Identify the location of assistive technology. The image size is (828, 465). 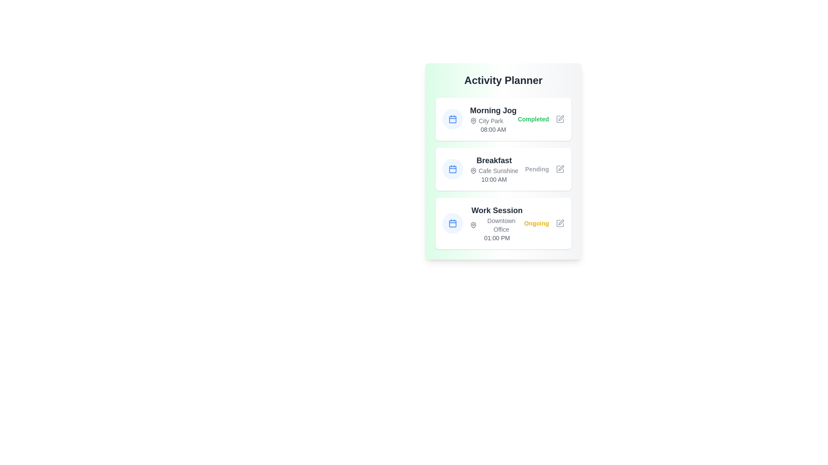
(493, 119).